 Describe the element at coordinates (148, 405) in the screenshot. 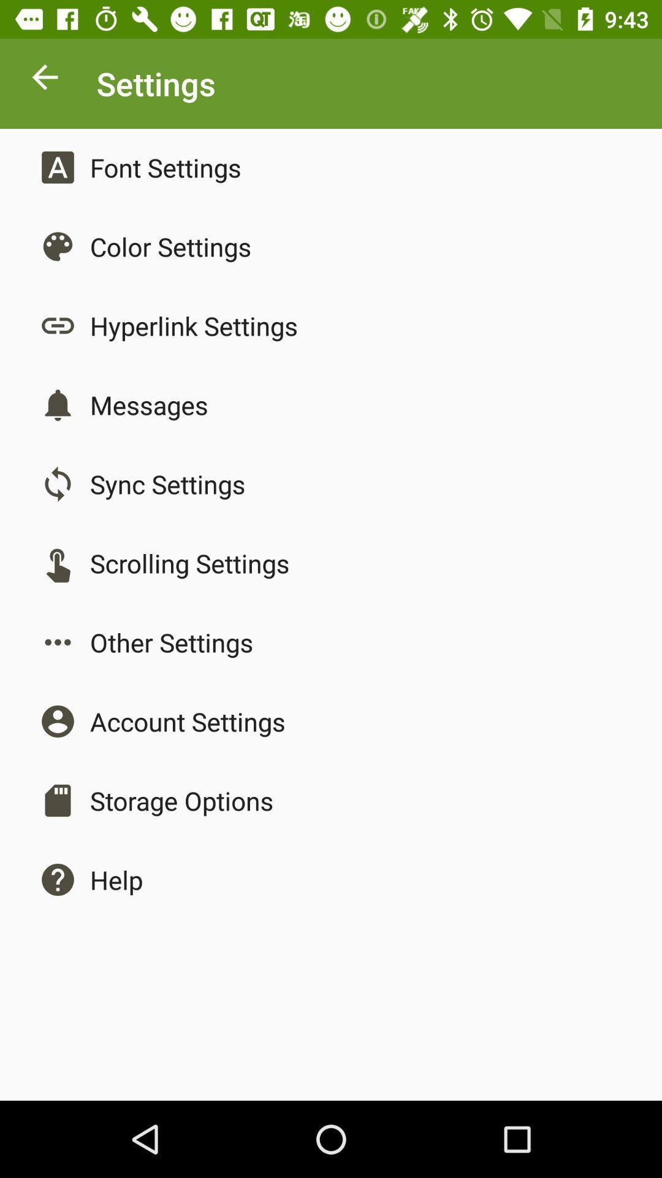

I see `the messages icon` at that location.